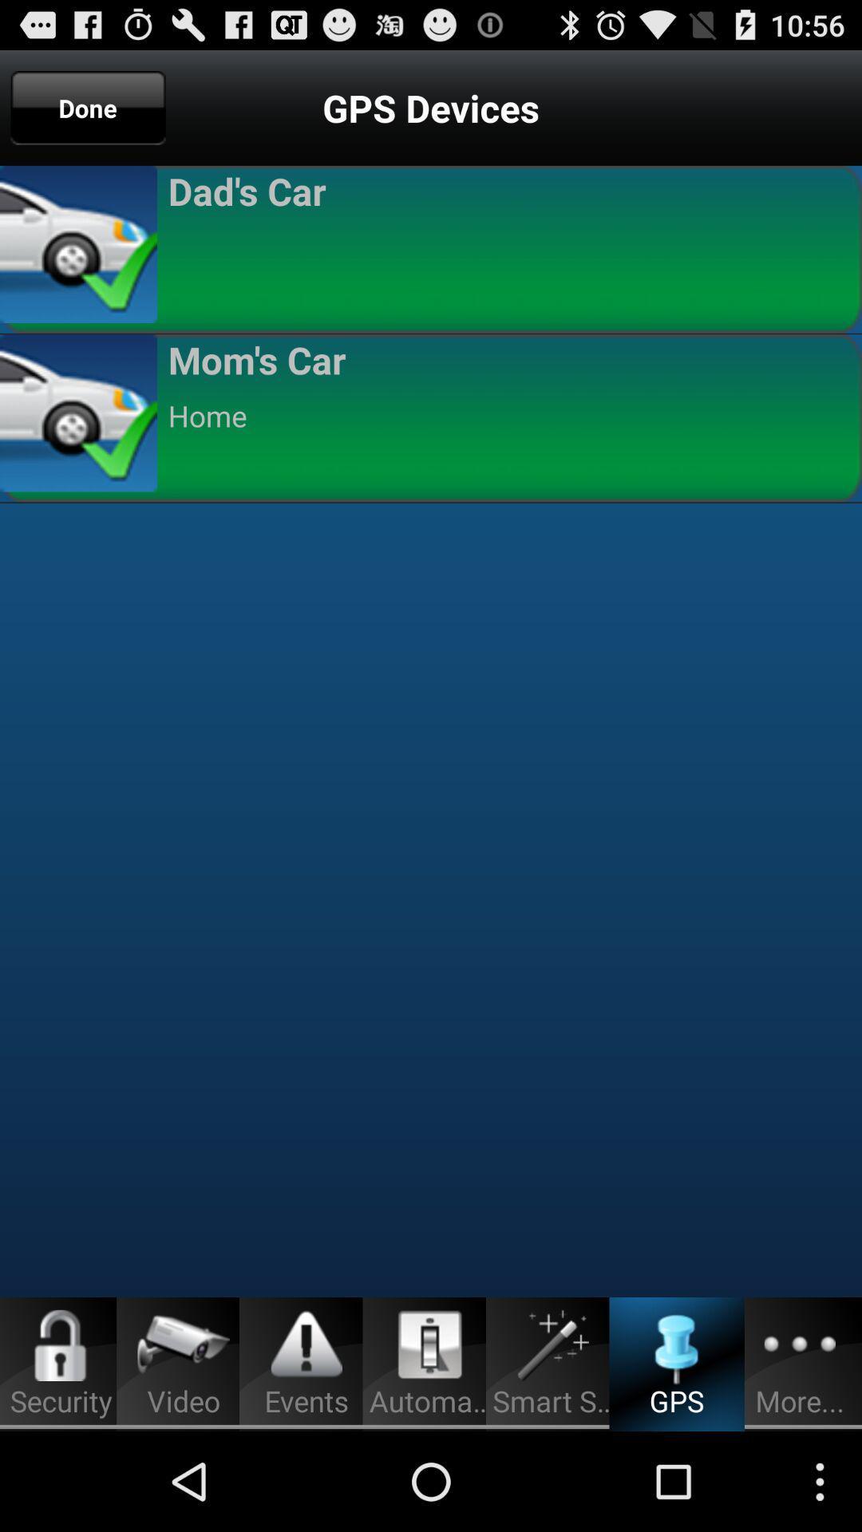 The width and height of the screenshot is (862, 1532). I want to click on app above the mom's car app, so click(508, 246).